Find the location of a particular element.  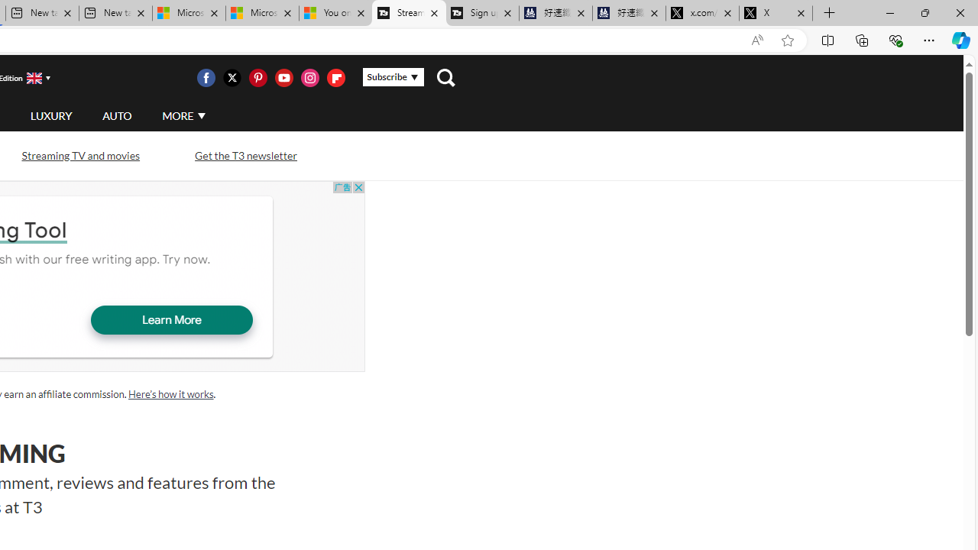

'Visit us on Facebook' is located at coordinates (205, 77).